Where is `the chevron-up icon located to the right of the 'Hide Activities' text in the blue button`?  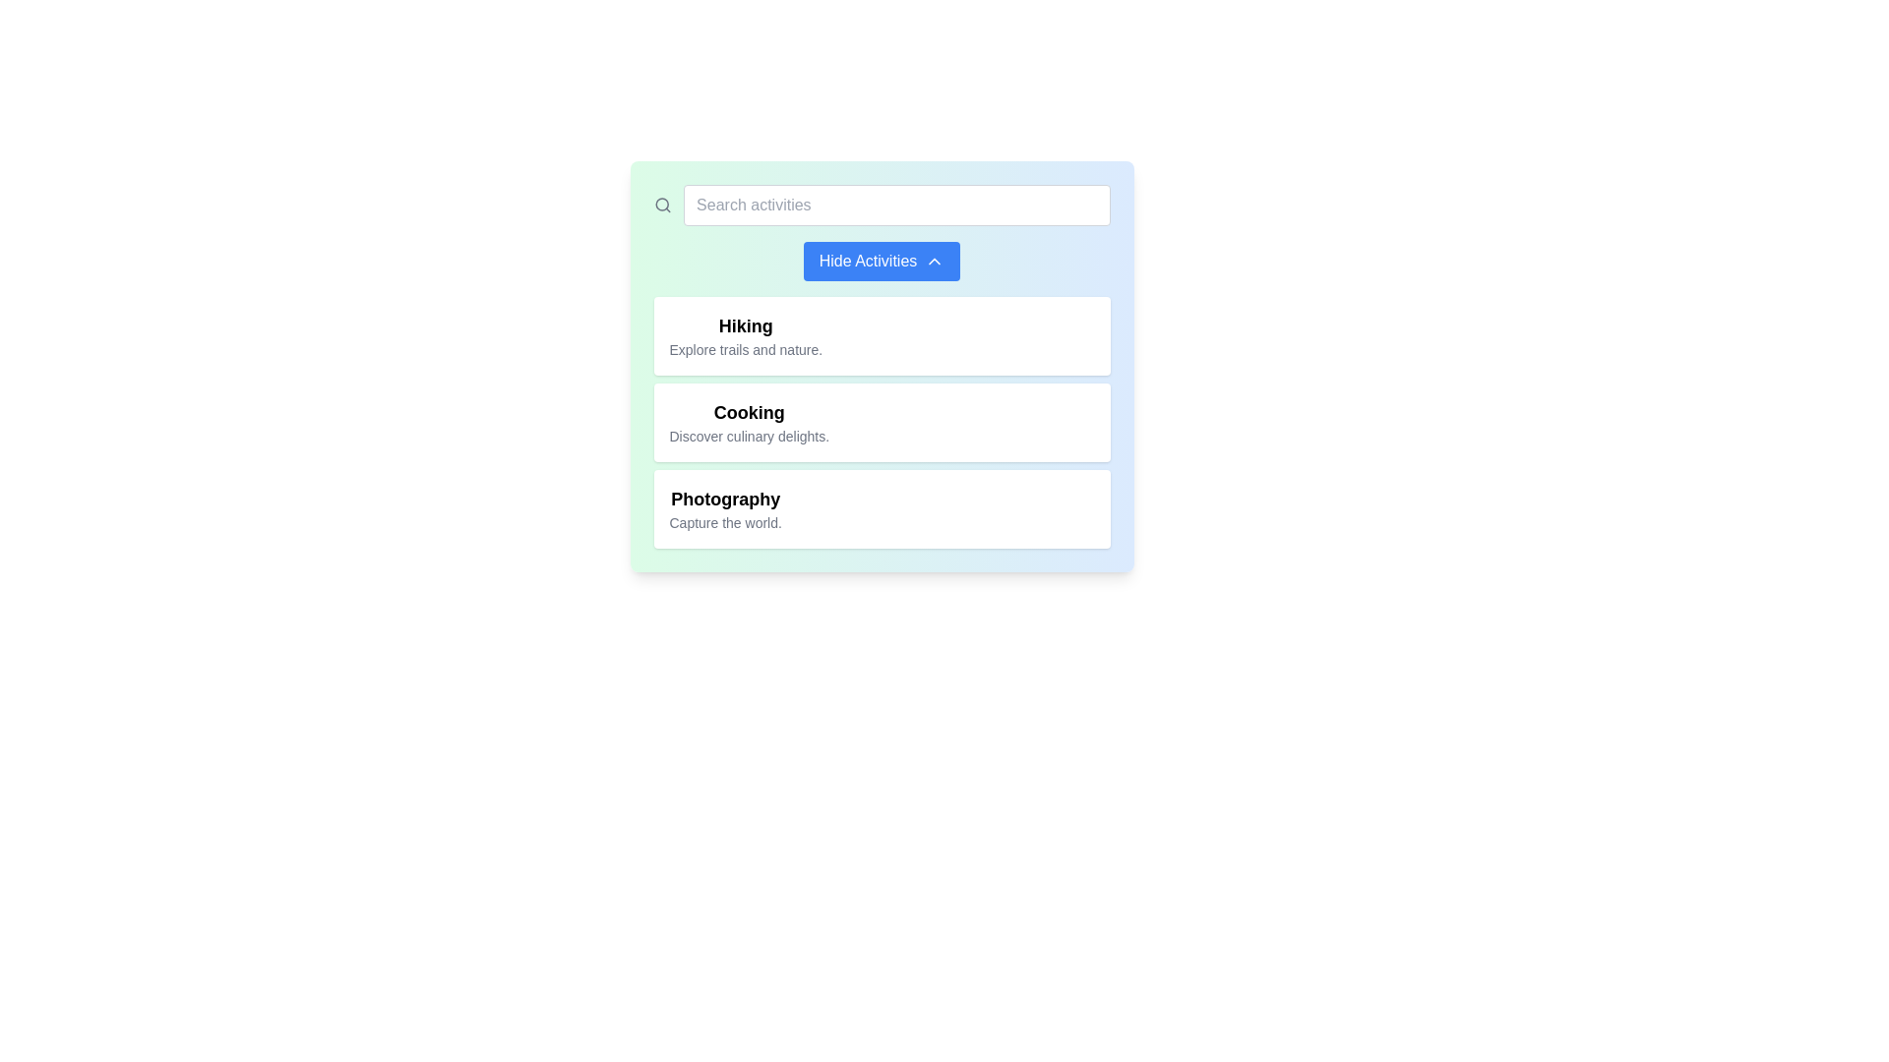
the chevron-up icon located to the right of the 'Hide Activities' text in the blue button is located at coordinates (934, 261).